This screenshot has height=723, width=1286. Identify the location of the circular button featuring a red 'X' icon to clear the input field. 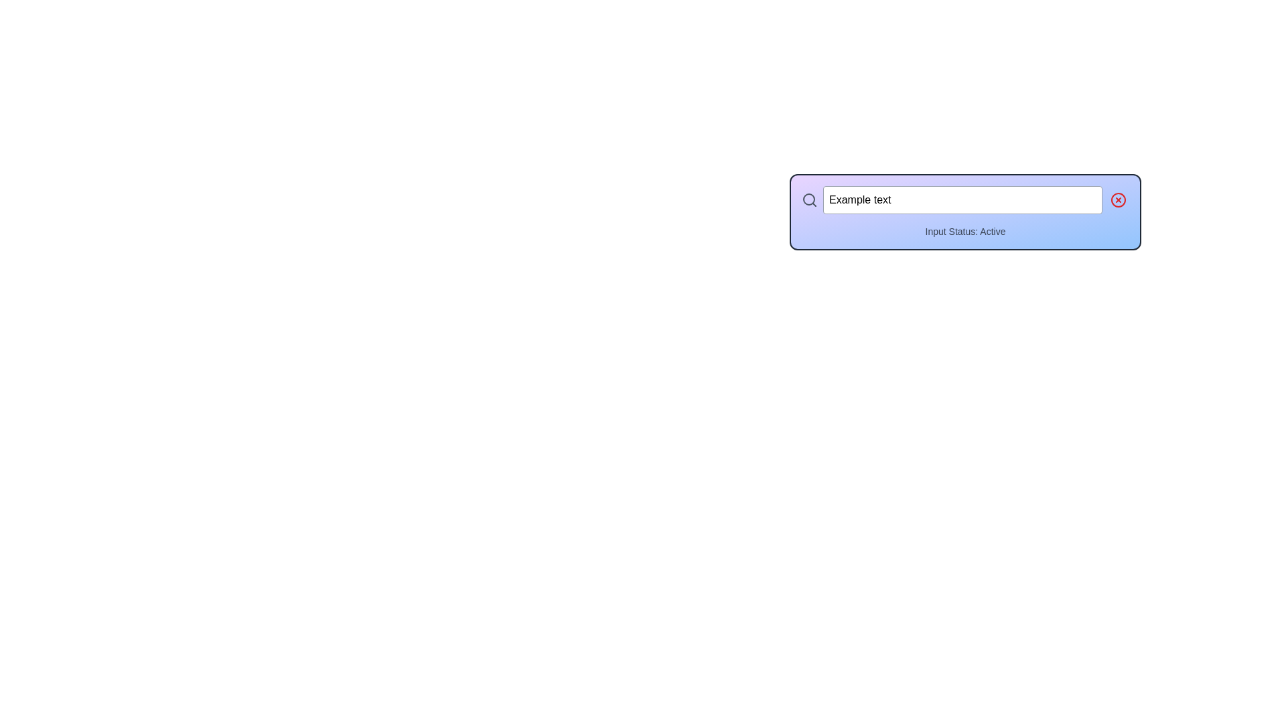
(1119, 200).